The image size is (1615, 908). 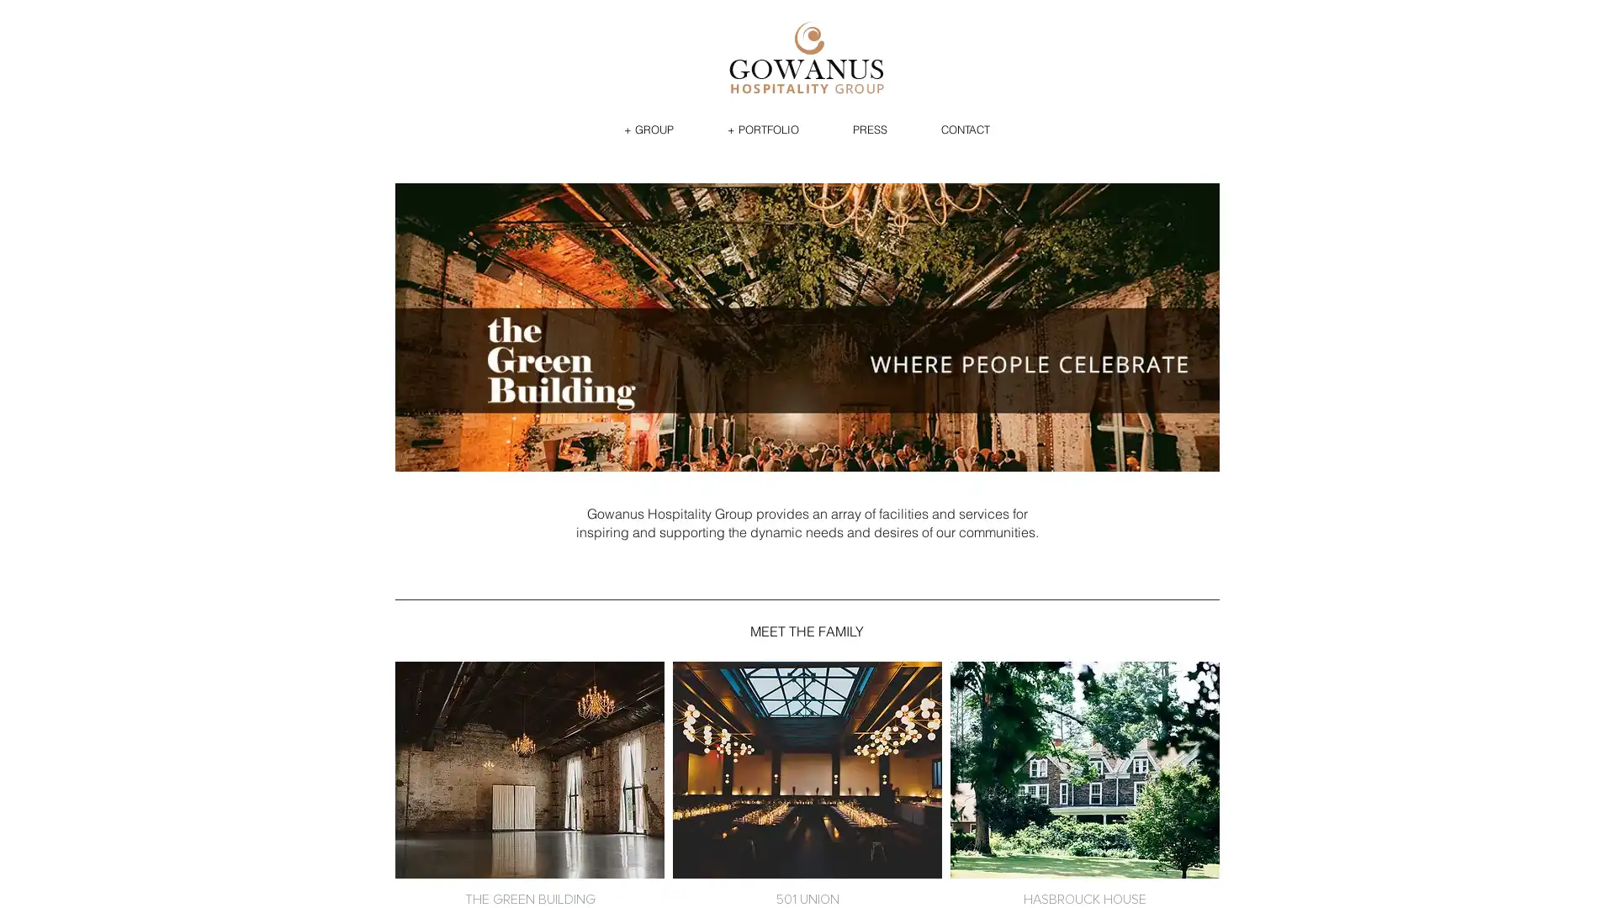 What do you see at coordinates (431, 327) in the screenshot?
I see `previous` at bounding box center [431, 327].